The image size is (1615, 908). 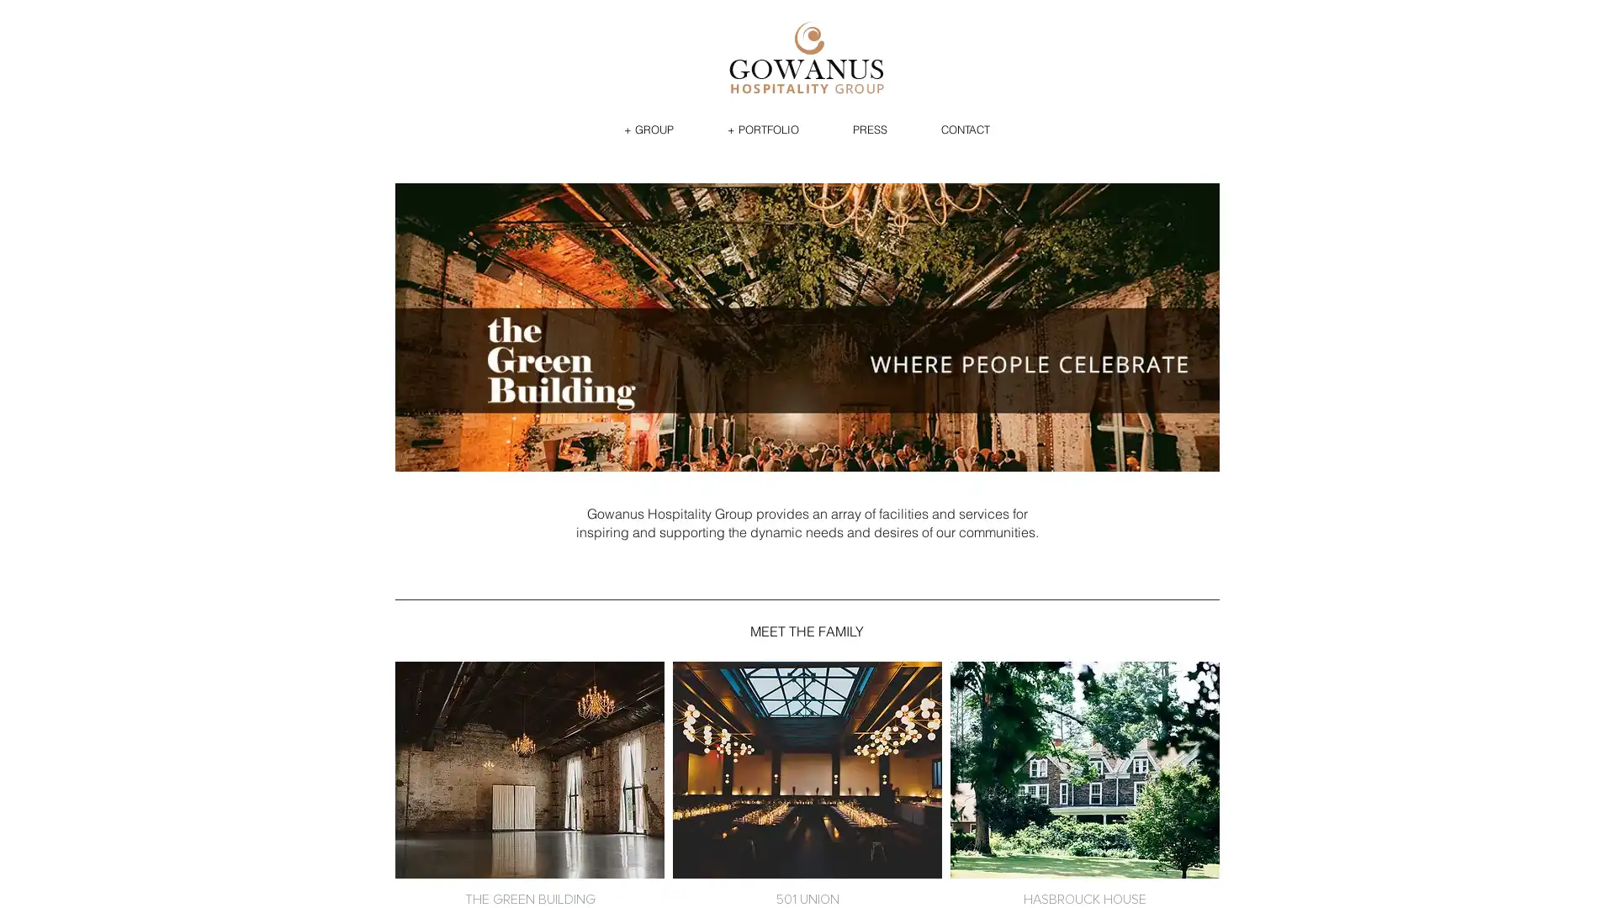 What do you see at coordinates (431, 327) in the screenshot?
I see `previous` at bounding box center [431, 327].